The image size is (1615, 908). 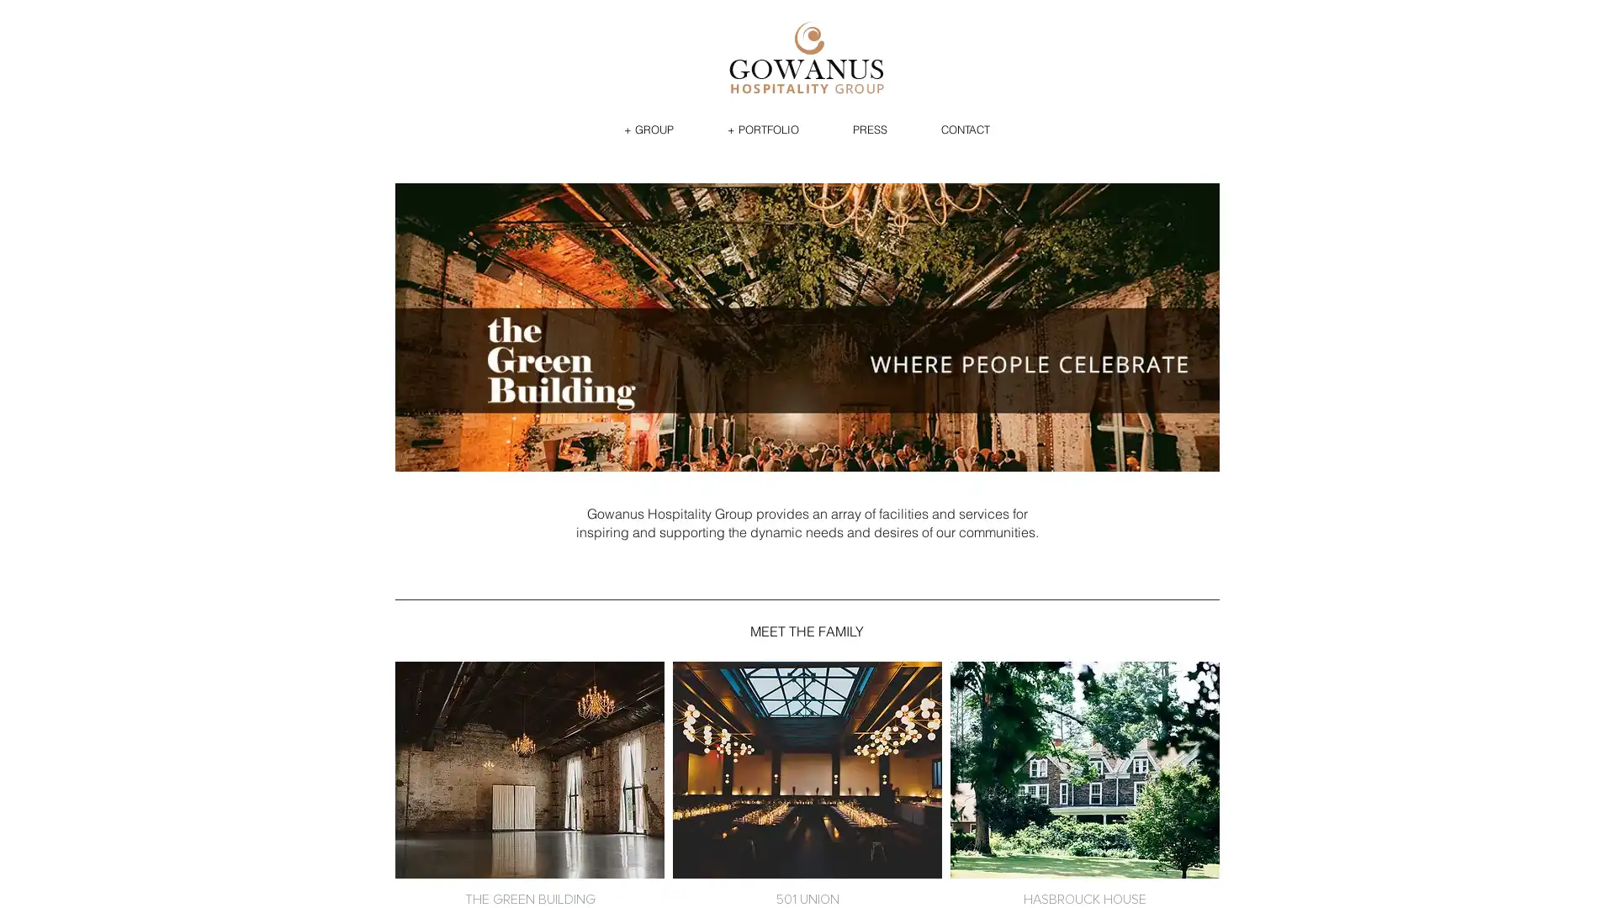 What do you see at coordinates (431, 327) in the screenshot?
I see `previous` at bounding box center [431, 327].